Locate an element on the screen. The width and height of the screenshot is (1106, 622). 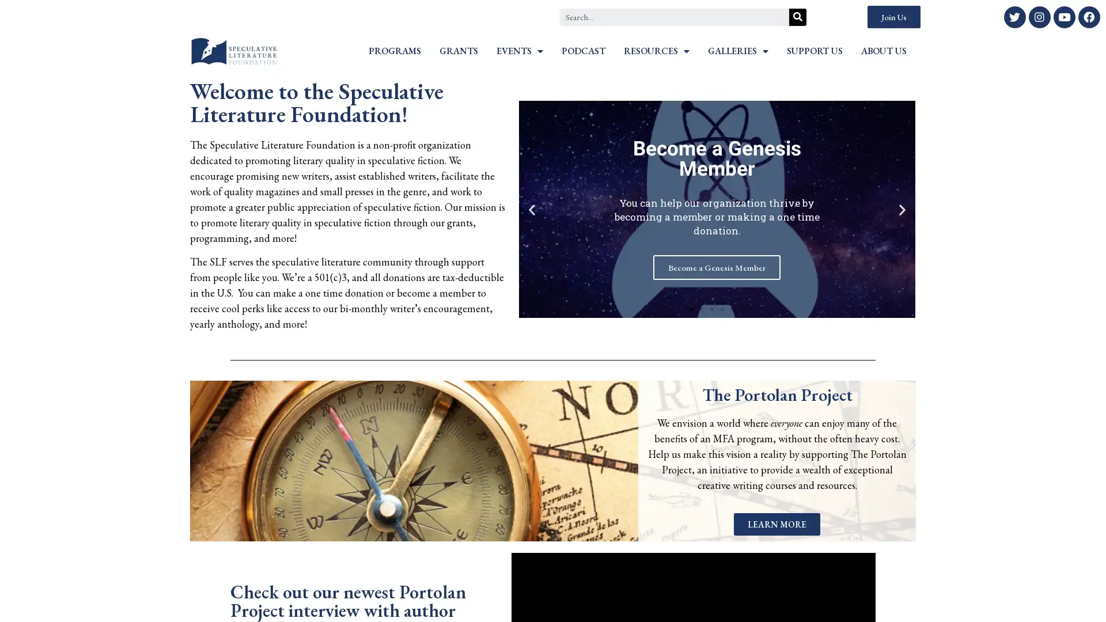
Go to slide 2 is located at coordinates (701, 308).